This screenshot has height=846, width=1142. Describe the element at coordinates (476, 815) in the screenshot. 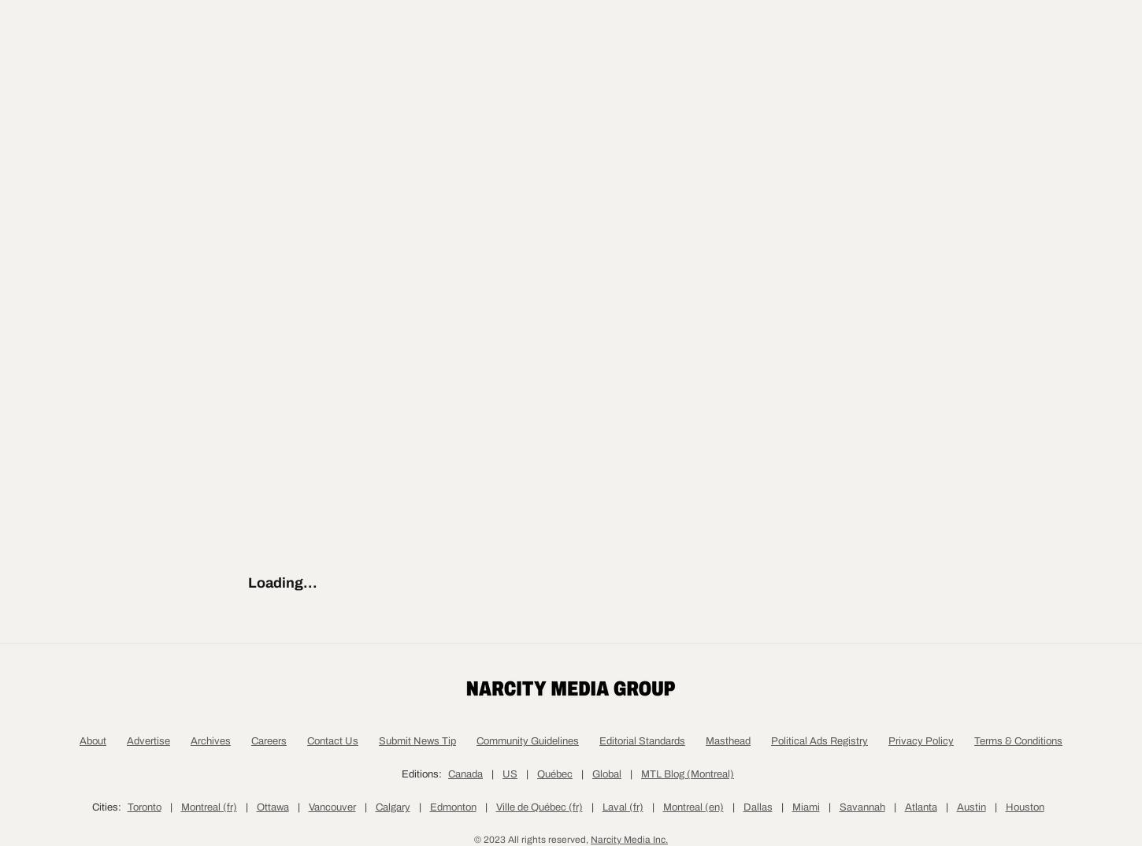

I see `'Community Guidelines'` at that location.